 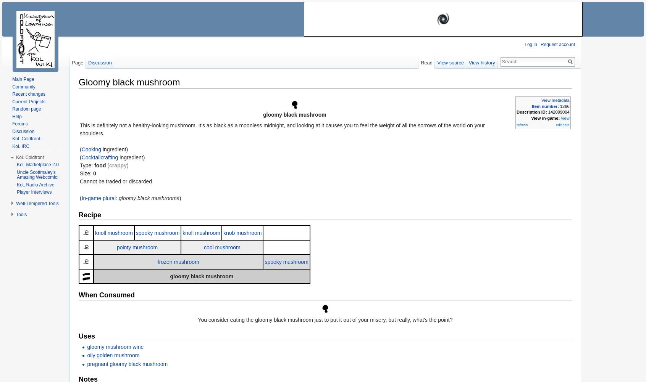 What do you see at coordinates (127, 363) in the screenshot?
I see `'pregnant gloomy black mushroom'` at bounding box center [127, 363].